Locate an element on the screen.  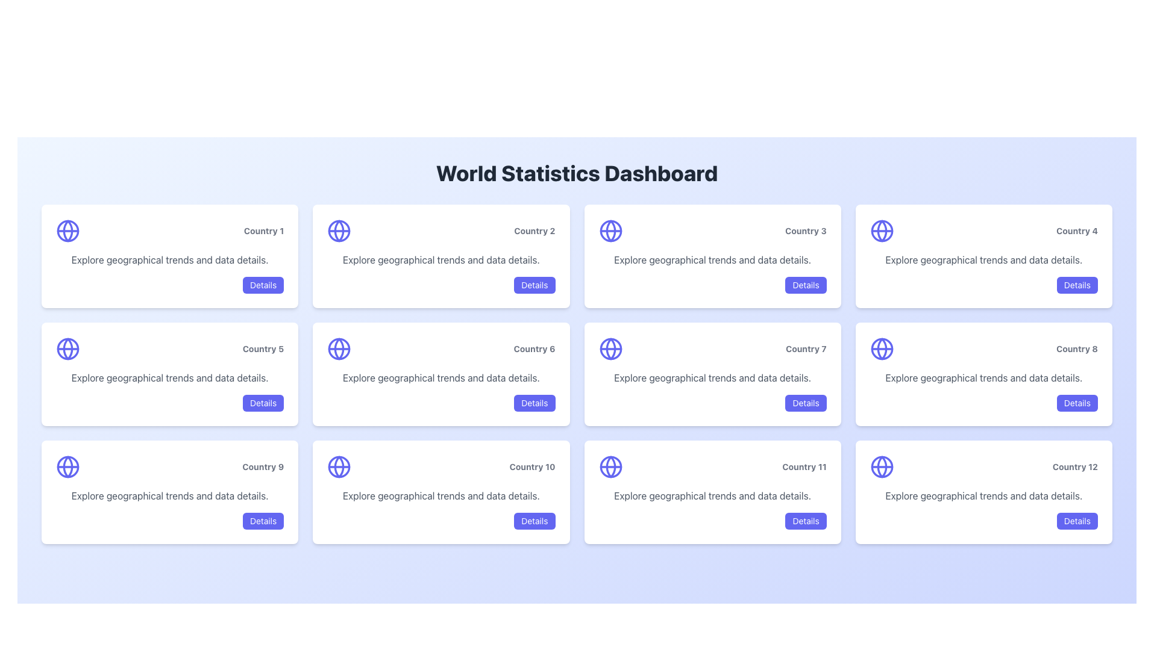
the title element 'Country 6' in the card that identifies the represented topic, located in the second row and third column of the grid layout is located at coordinates (441, 348).